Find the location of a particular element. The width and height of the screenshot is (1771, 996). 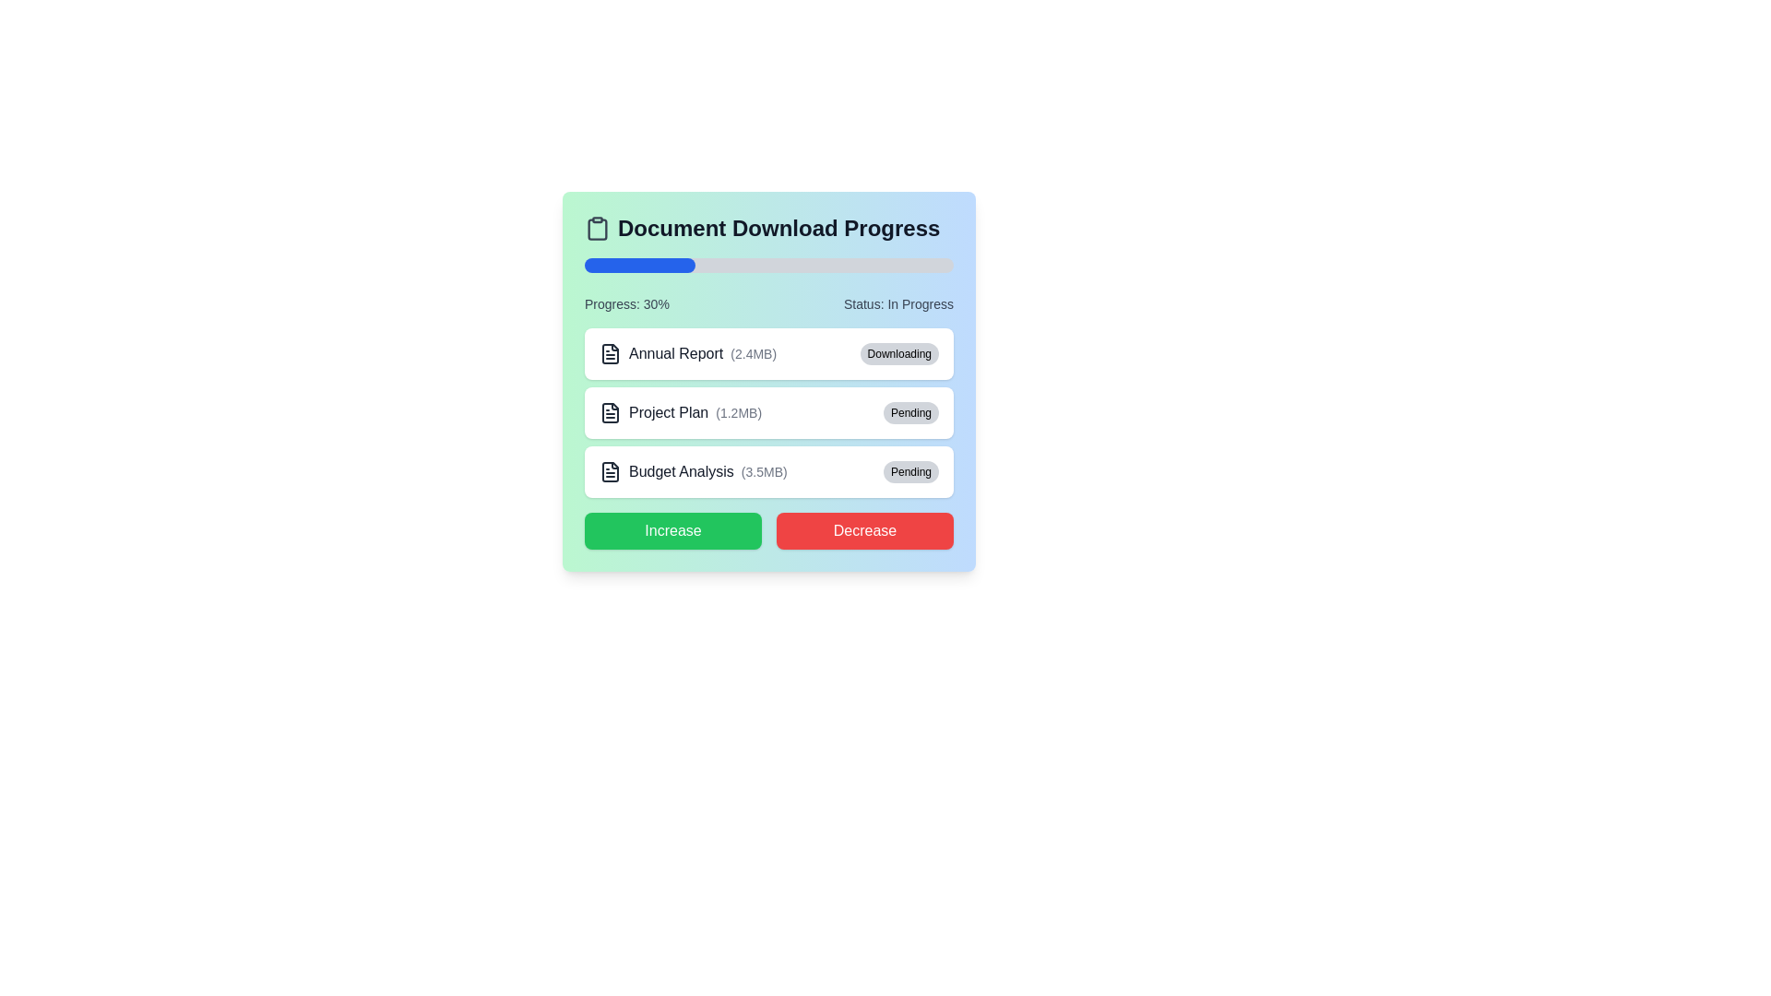

the list item representing the file named 'Annual Report' with a size of 2.4MB, which is the first item in the list and located in a rounded rectangular area with a white background is located at coordinates (687, 354).